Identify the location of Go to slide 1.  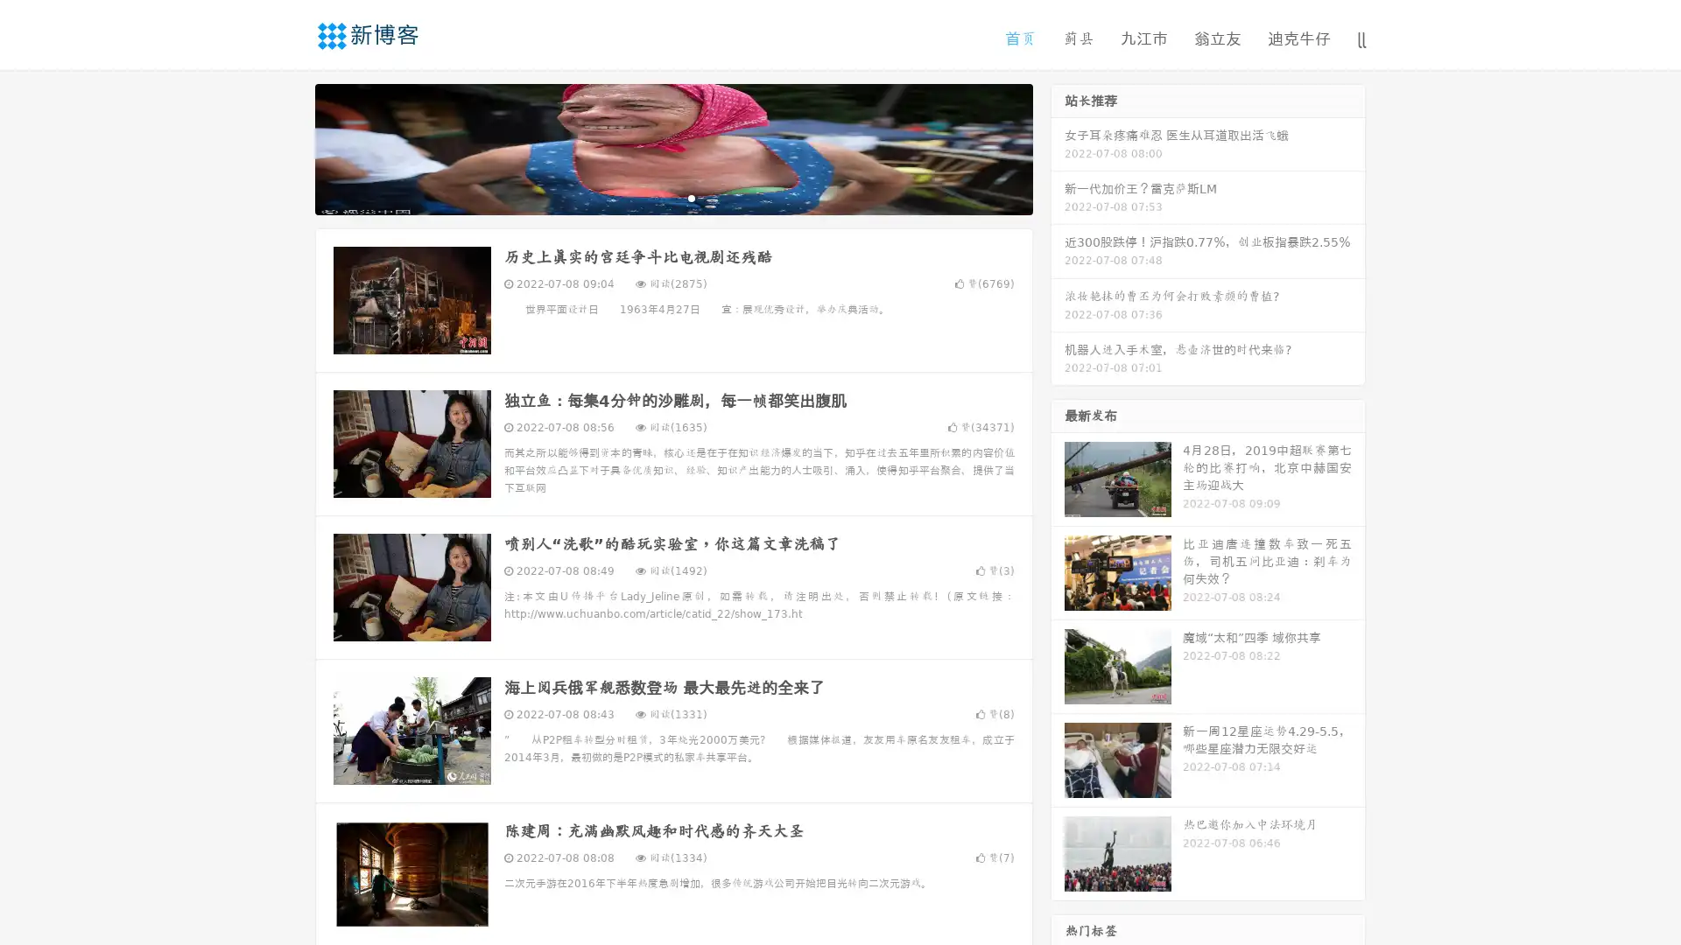
(655, 197).